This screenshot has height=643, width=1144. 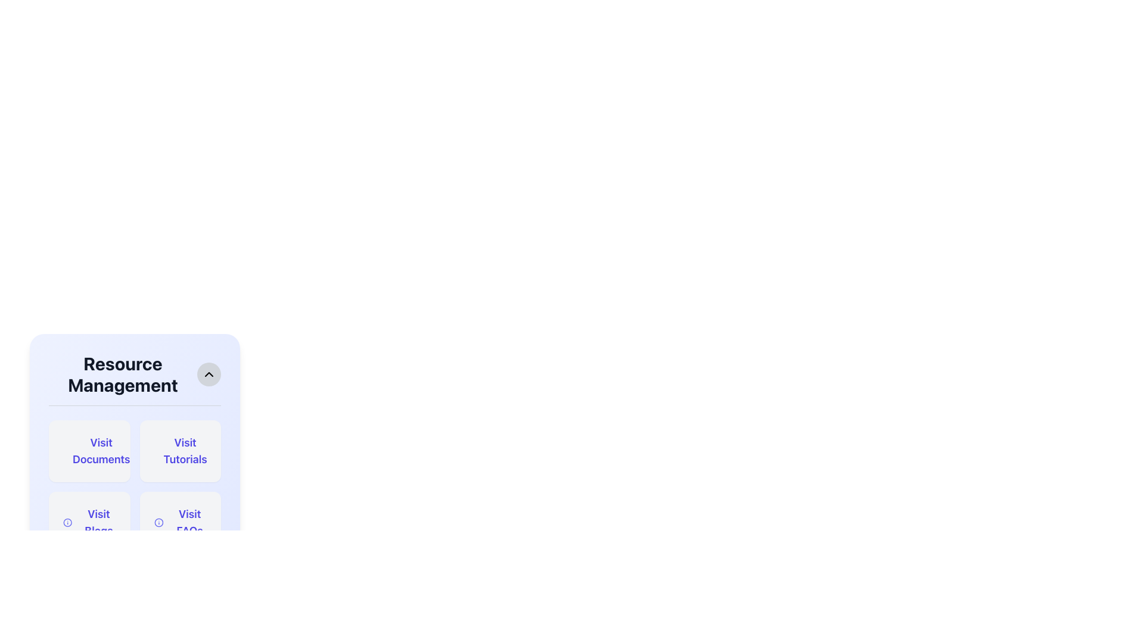 What do you see at coordinates (89, 451) in the screenshot?
I see `the navigation button in the 'Resource Management' section` at bounding box center [89, 451].